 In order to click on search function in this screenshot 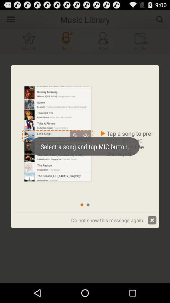, I will do `click(160, 19)`.